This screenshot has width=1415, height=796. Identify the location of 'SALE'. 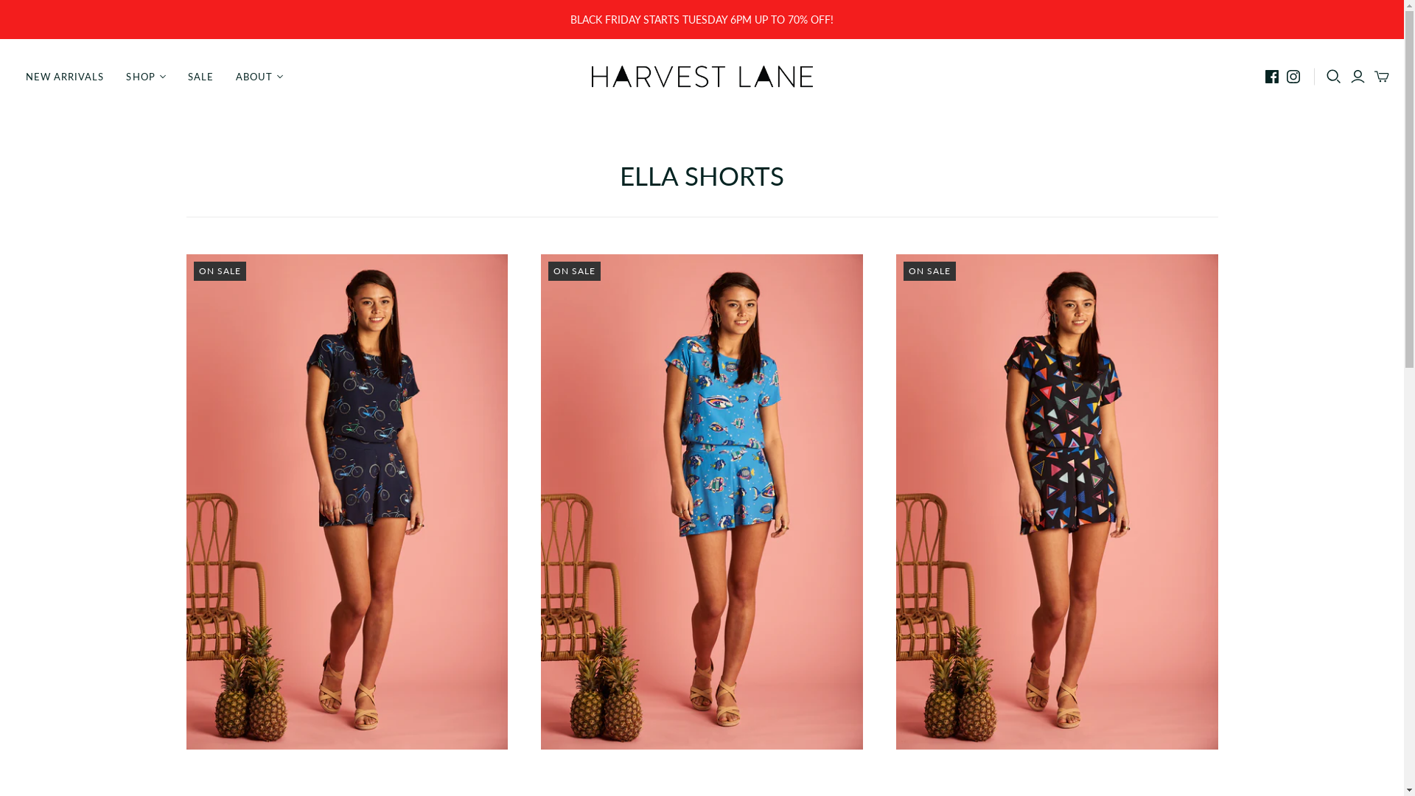
(200, 77).